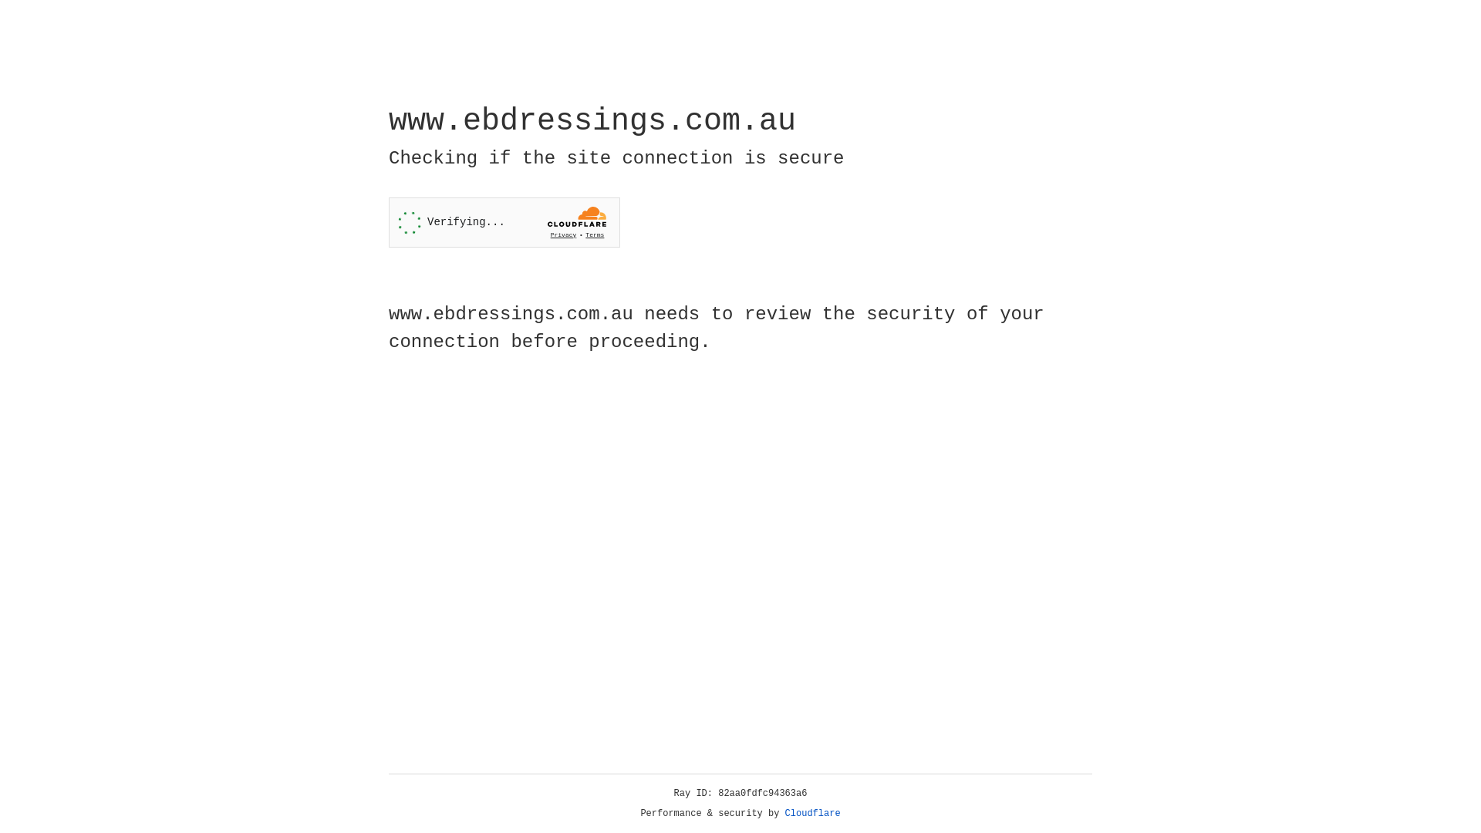  I want to click on 'Cloudflare', so click(812, 813).